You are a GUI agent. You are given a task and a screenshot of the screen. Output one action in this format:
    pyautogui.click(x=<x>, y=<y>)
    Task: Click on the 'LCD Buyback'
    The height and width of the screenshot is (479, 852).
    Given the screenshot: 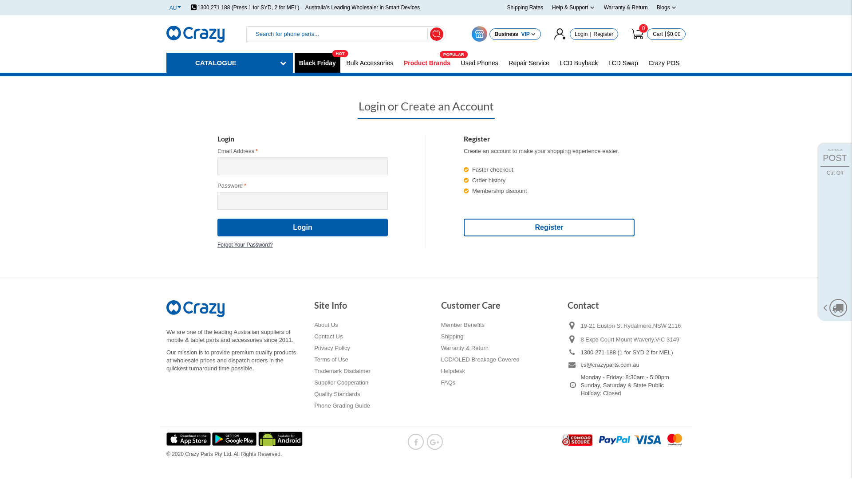 What is the action you would take?
    pyautogui.click(x=579, y=63)
    